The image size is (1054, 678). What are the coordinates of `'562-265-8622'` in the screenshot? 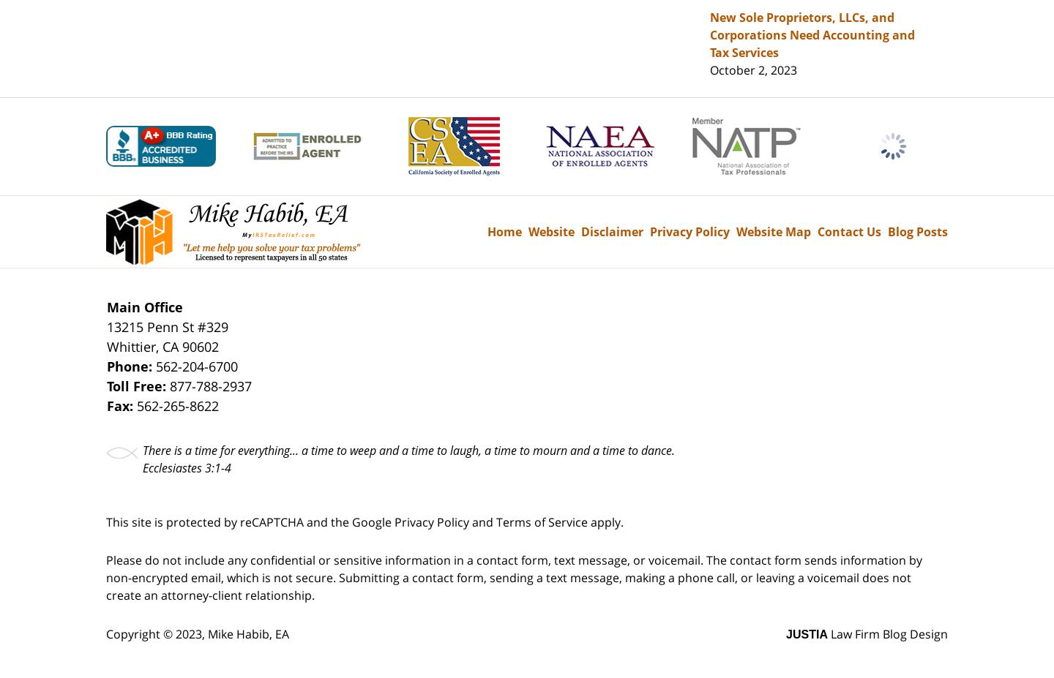 It's located at (177, 404).